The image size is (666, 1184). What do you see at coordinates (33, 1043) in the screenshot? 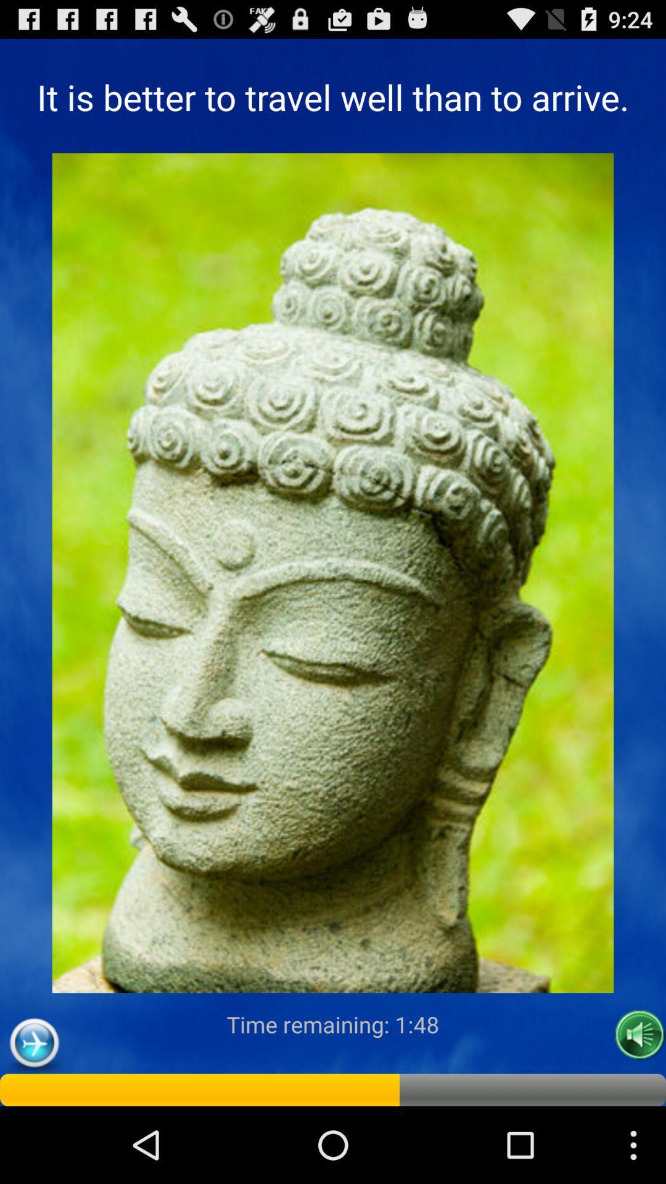
I see `the icon to the left of time remaining 1` at bounding box center [33, 1043].